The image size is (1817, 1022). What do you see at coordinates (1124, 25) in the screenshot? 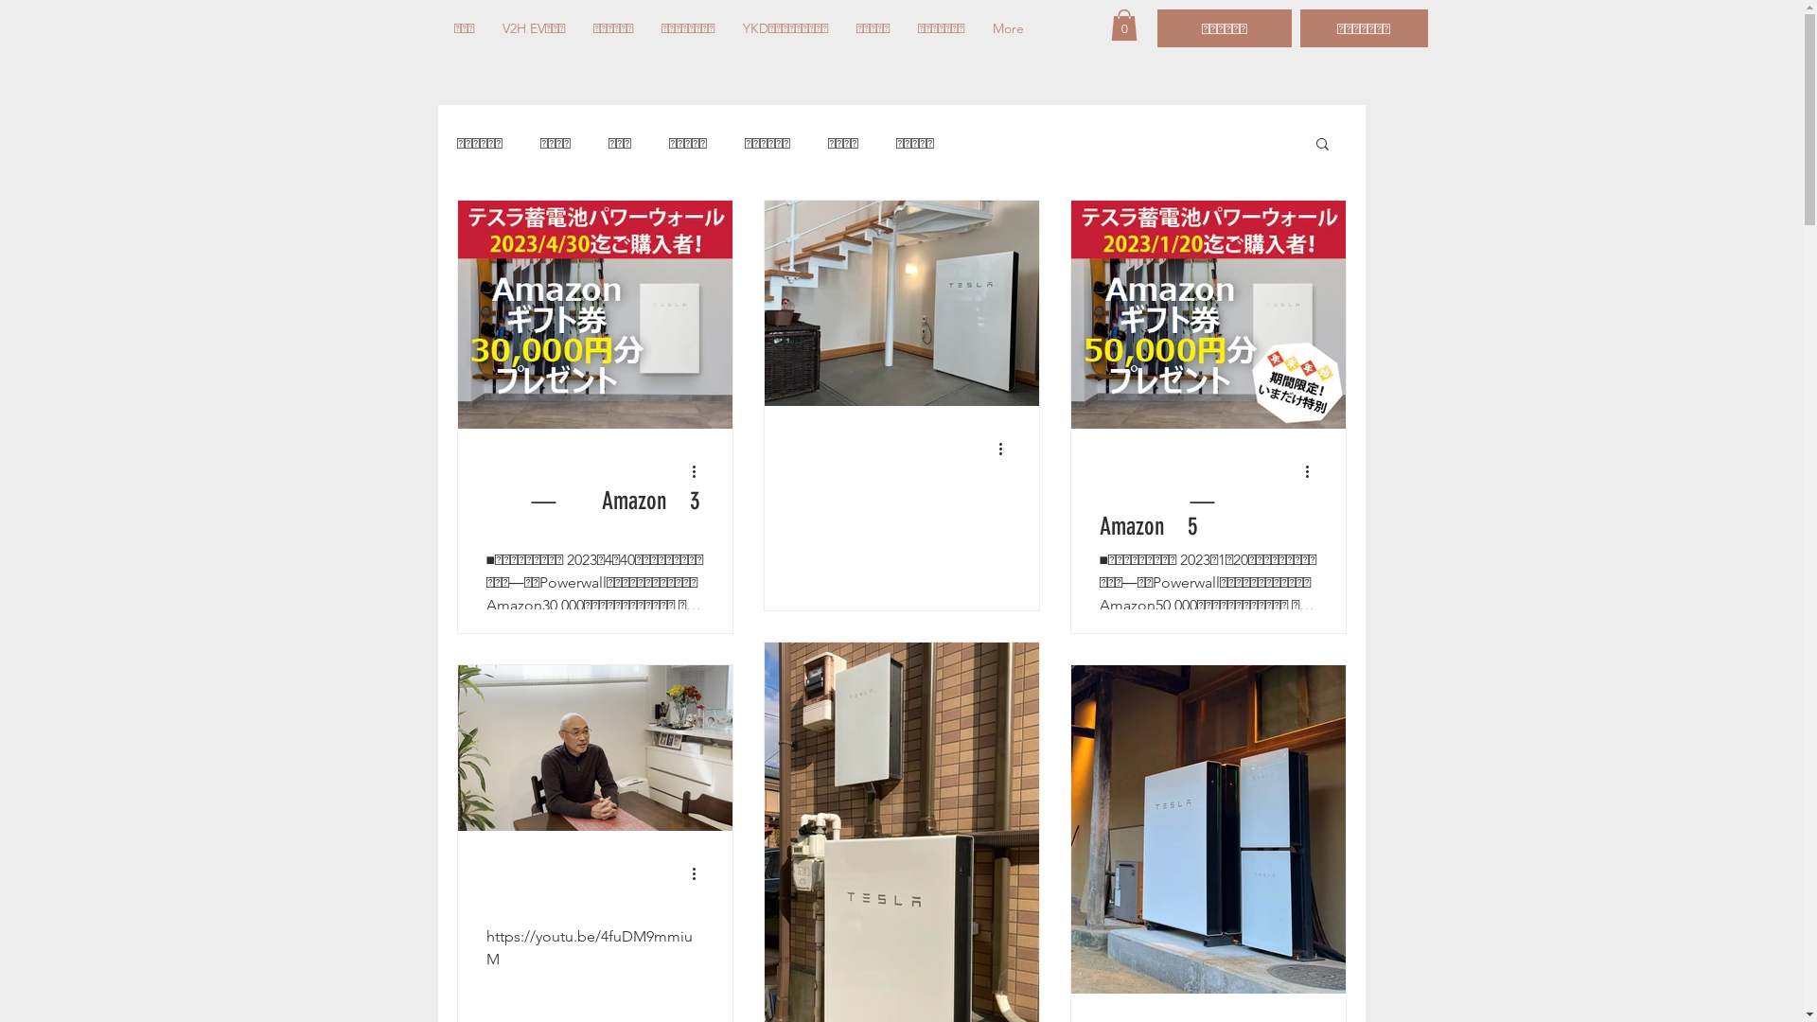
I see `'0'` at bounding box center [1124, 25].